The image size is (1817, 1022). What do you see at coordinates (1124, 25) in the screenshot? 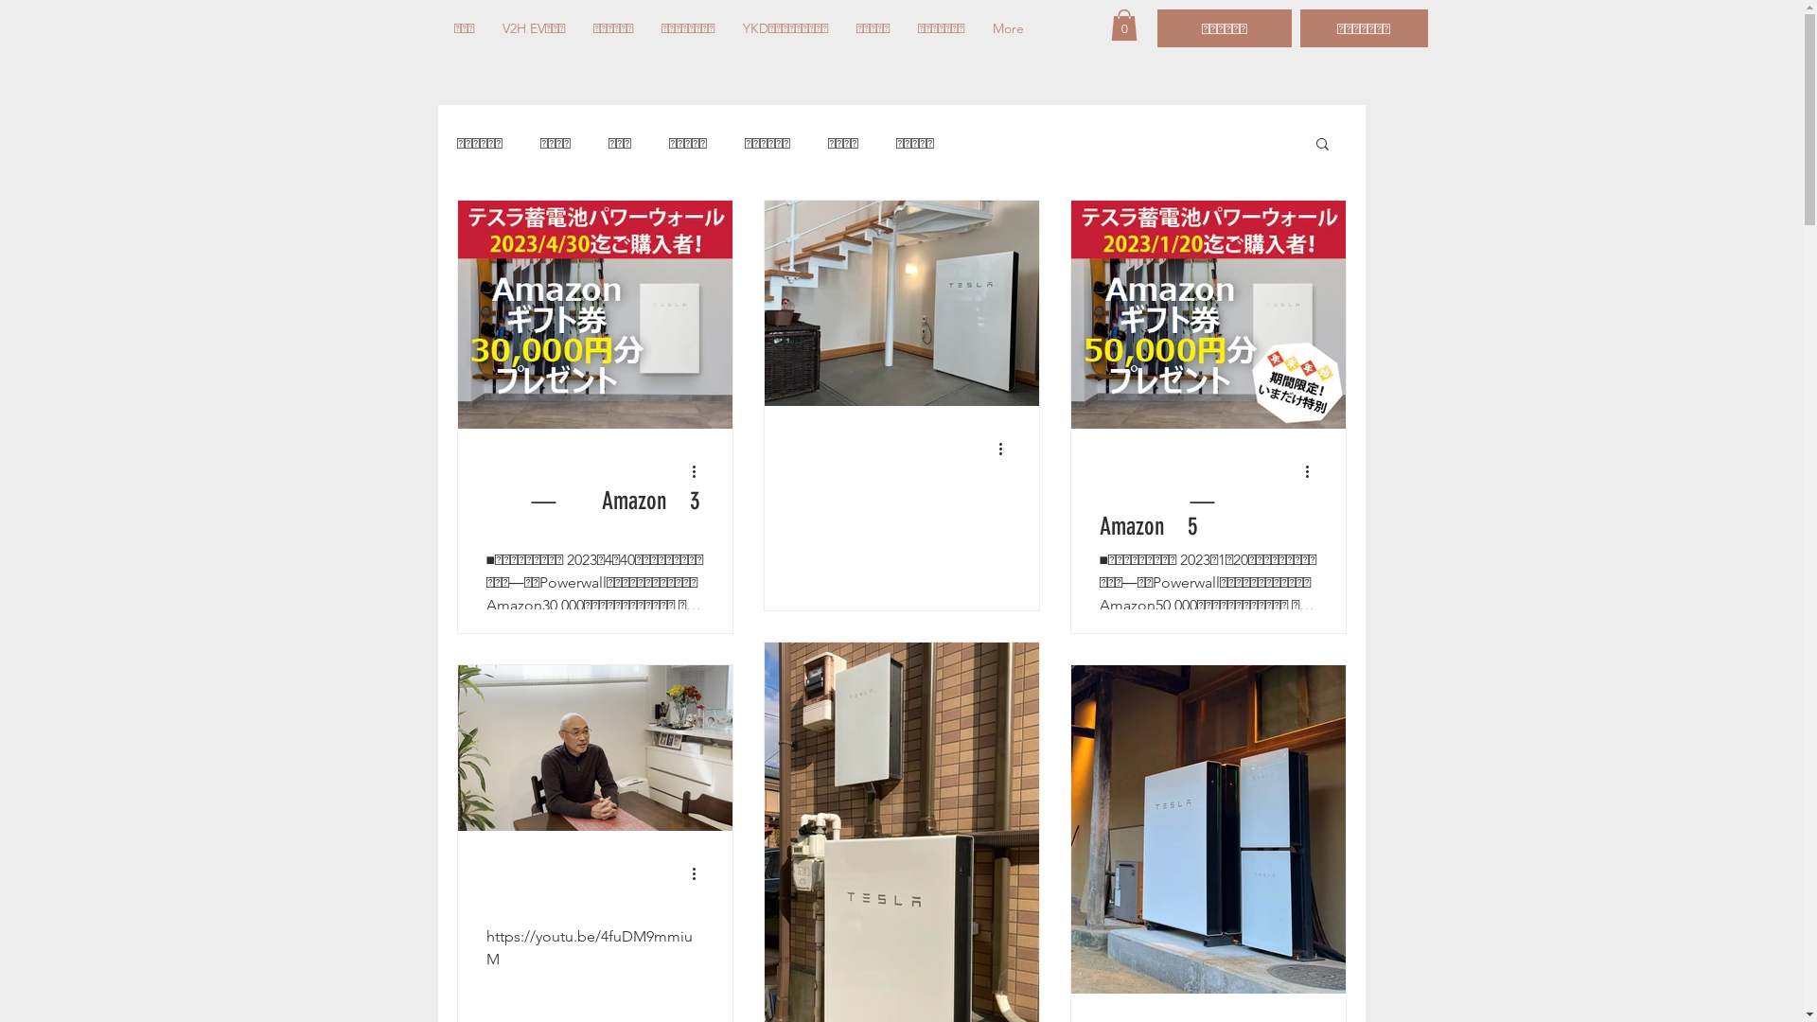
I see `'0'` at bounding box center [1124, 25].